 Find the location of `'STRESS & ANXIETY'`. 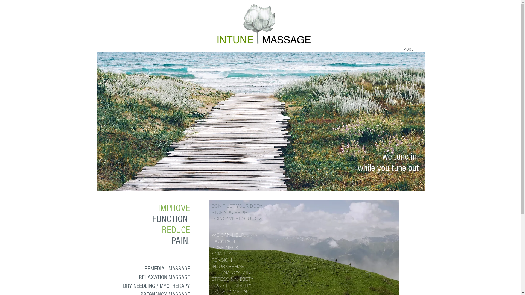

'STRESS & ANXIETY' is located at coordinates (232, 279).